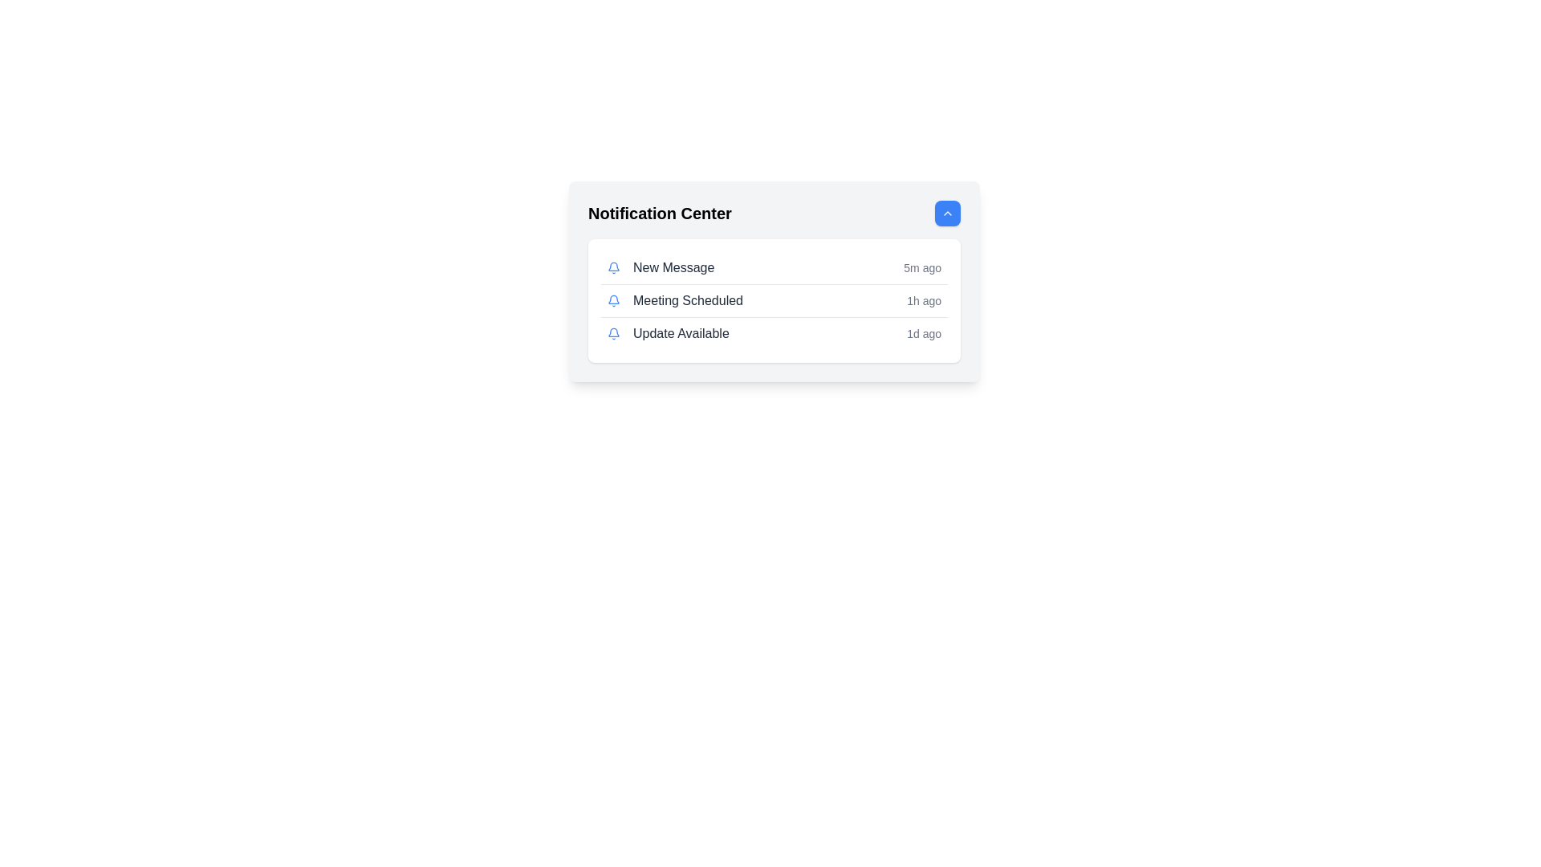 The image size is (1541, 867). Describe the element at coordinates (922, 267) in the screenshot. I see `displayed text of the Text Label that shows the time elapsed since the 'New Message' notification` at that location.